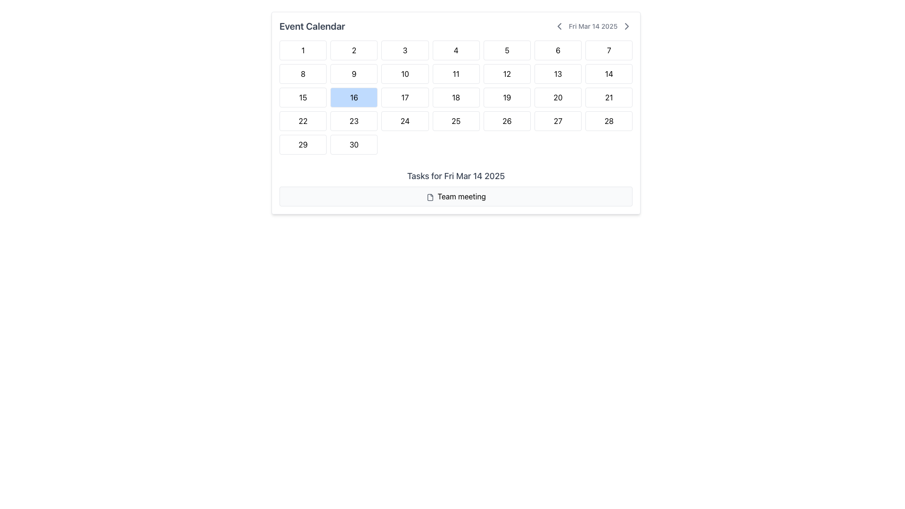  What do you see at coordinates (429, 197) in the screenshot?
I see `the document icon located to the left of the 'Team meeting' label in the calendar event details section` at bounding box center [429, 197].